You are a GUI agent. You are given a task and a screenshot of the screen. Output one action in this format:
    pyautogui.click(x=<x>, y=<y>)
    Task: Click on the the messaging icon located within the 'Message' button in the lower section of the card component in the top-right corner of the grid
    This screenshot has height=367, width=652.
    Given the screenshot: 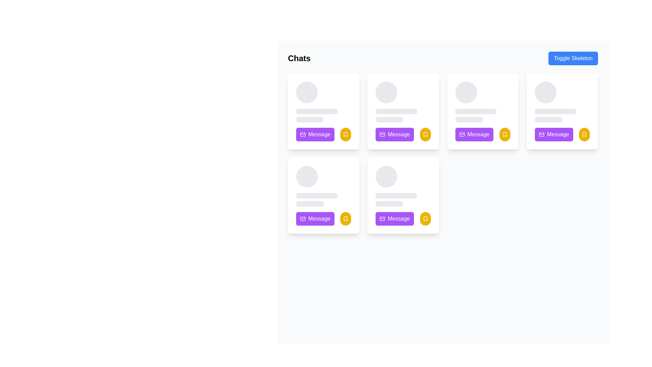 What is the action you would take?
    pyautogui.click(x=541, y=135)
    